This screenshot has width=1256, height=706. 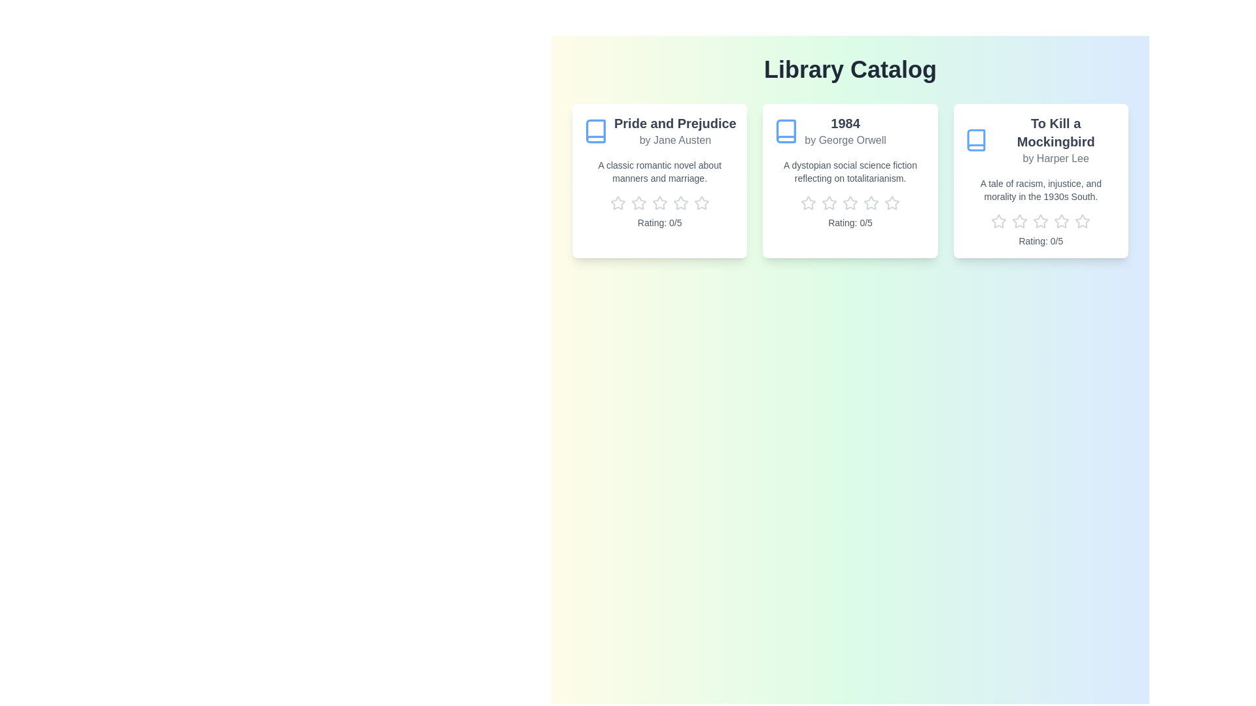 What do you see at coordinates (998, 221) in the screenshot?
I see `the rating of the book 'To Kill a Mockingbird' to 1 stars by clicking the corresponding star` at bounding box center [998, 221].